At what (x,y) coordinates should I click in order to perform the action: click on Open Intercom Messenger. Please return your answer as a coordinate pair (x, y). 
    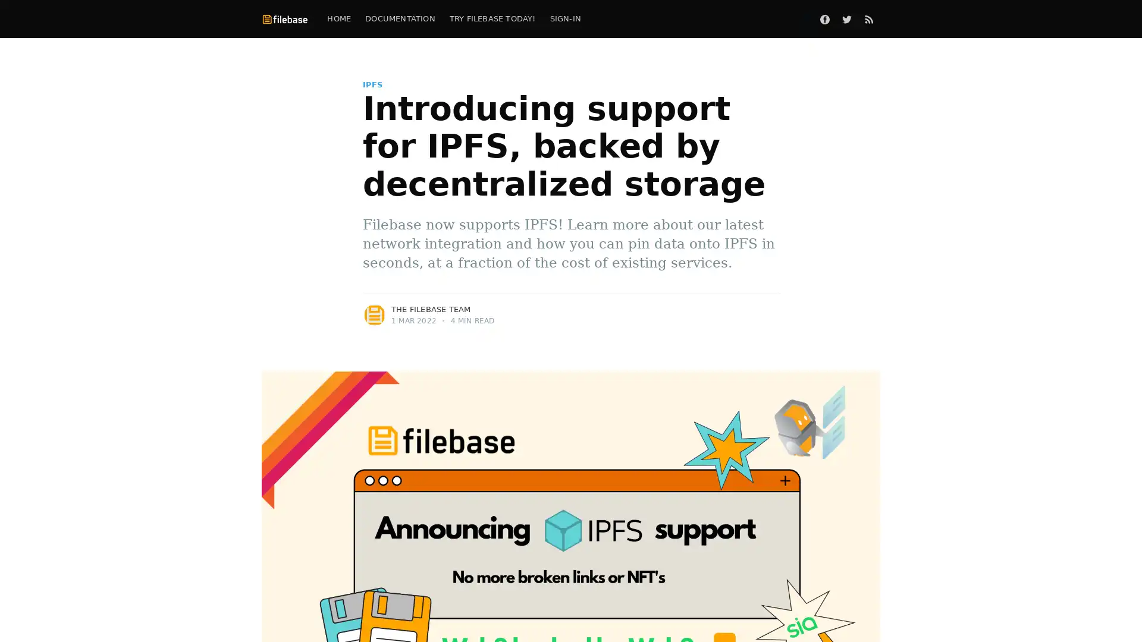
    Looking at the image, I should click on (1112, 612).